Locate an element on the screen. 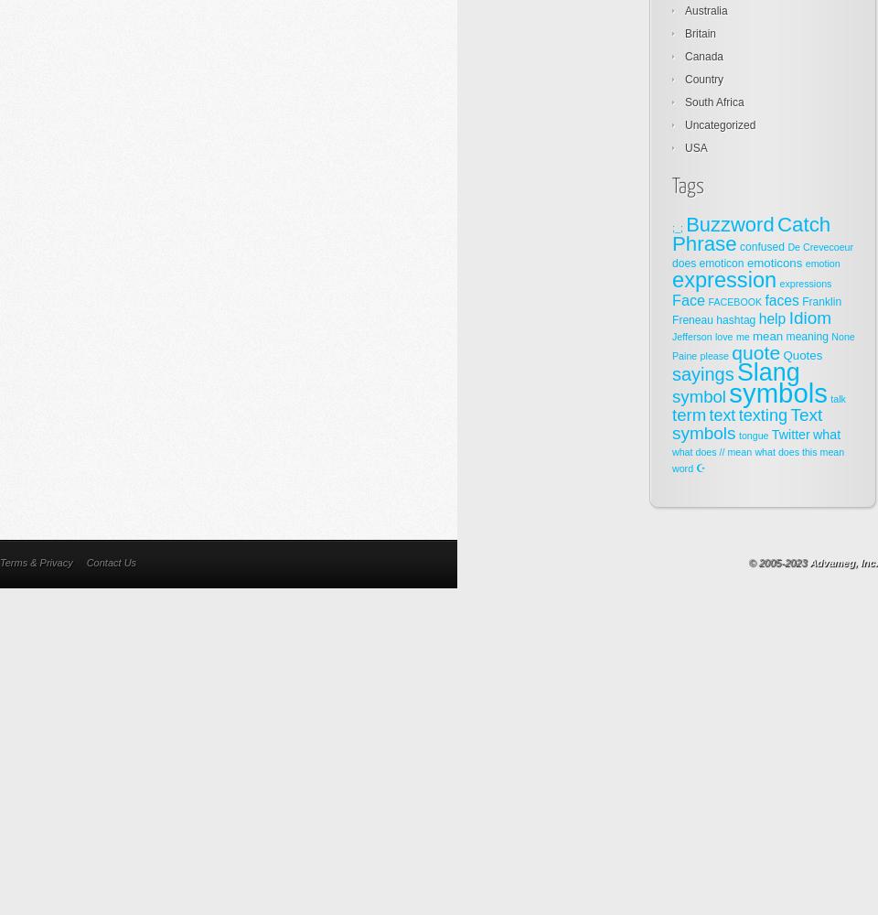  'Text symbols' is located at coordinates (670, 423).